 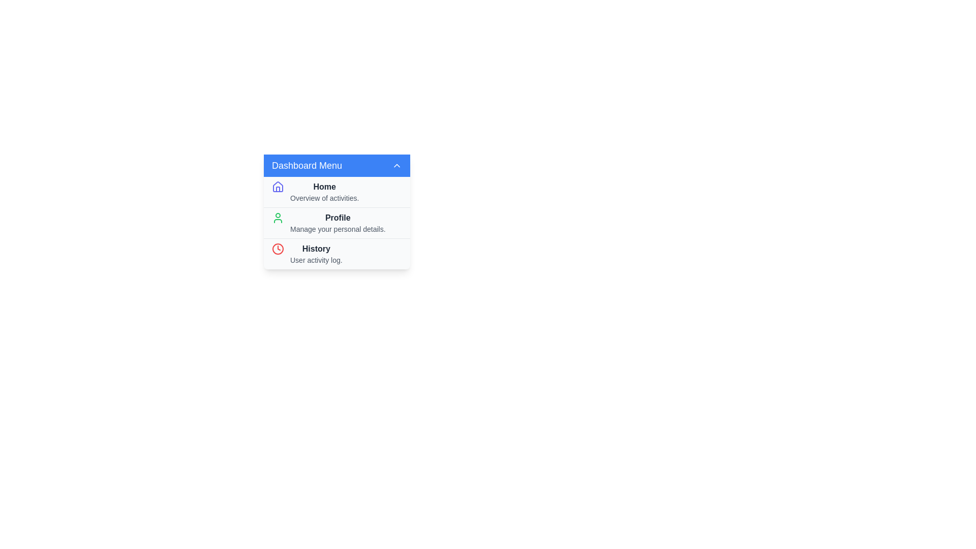 I want to click on the house icon in the 'Dashboard Menu' section, which is located to the left of the 'Home - Overview of activities' menu item, so click(x=278, y=186).